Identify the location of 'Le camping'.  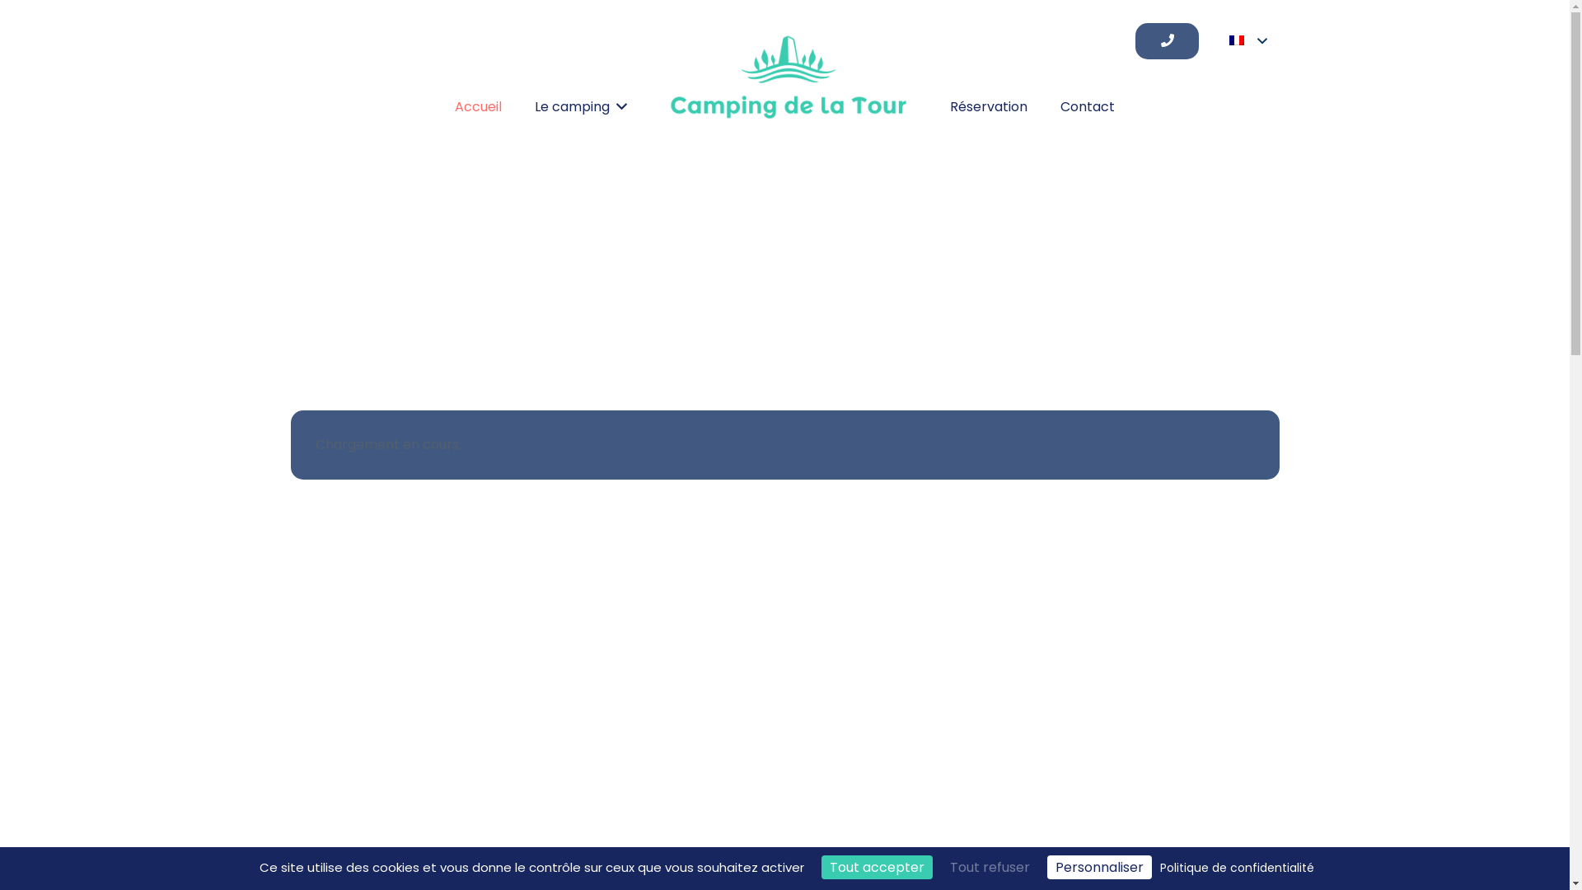
(581, 107).